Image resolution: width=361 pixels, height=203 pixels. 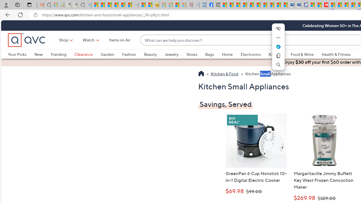 What do you see at coordinates (250, 54) in the screenshot?
I see `'Electronics'` at bounding box center [250, 54].